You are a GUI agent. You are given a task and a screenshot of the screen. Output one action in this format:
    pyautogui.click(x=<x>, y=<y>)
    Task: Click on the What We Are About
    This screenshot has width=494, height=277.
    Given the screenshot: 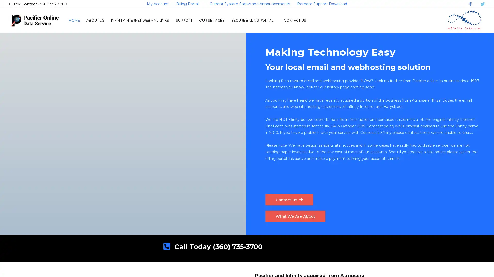 What is the action you would take?
    pyautogui.click(x=296, y=217)
    